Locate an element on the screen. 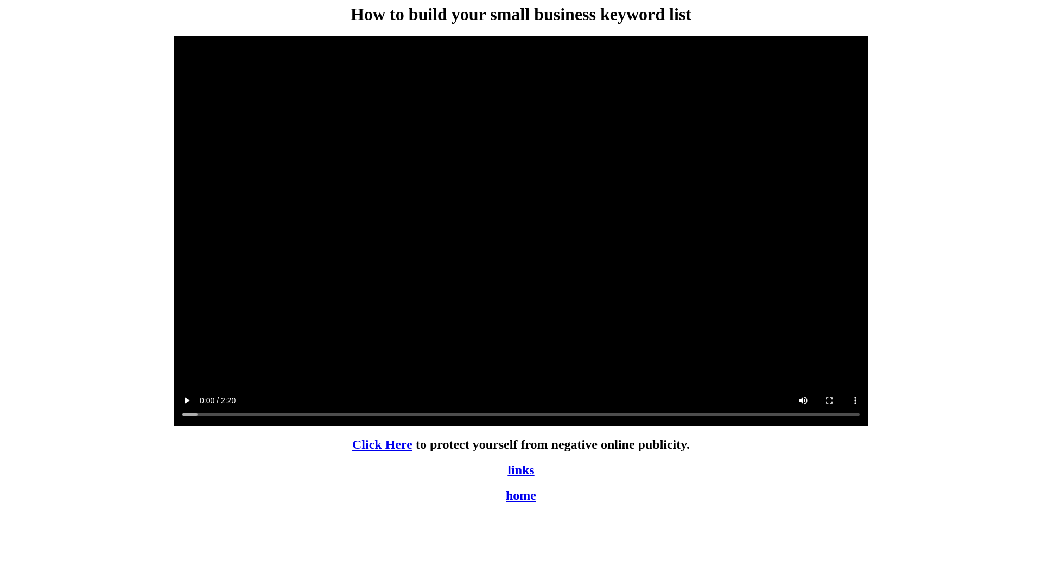  'home' is located at coordinates (521, 495).